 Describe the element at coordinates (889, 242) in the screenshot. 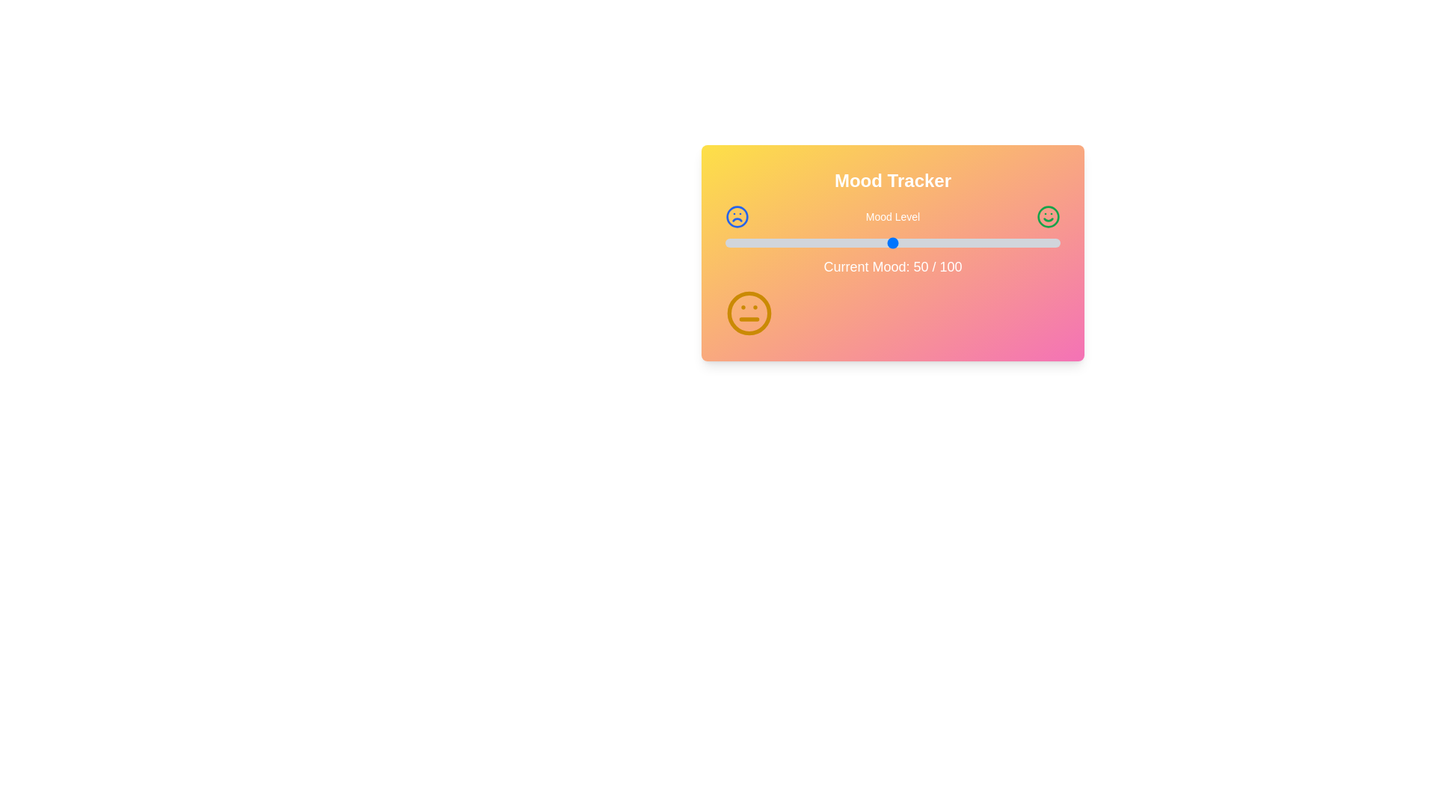

I see `the mood level slider to 49 where mood_level is a percentage between 0 and 100` at that location.